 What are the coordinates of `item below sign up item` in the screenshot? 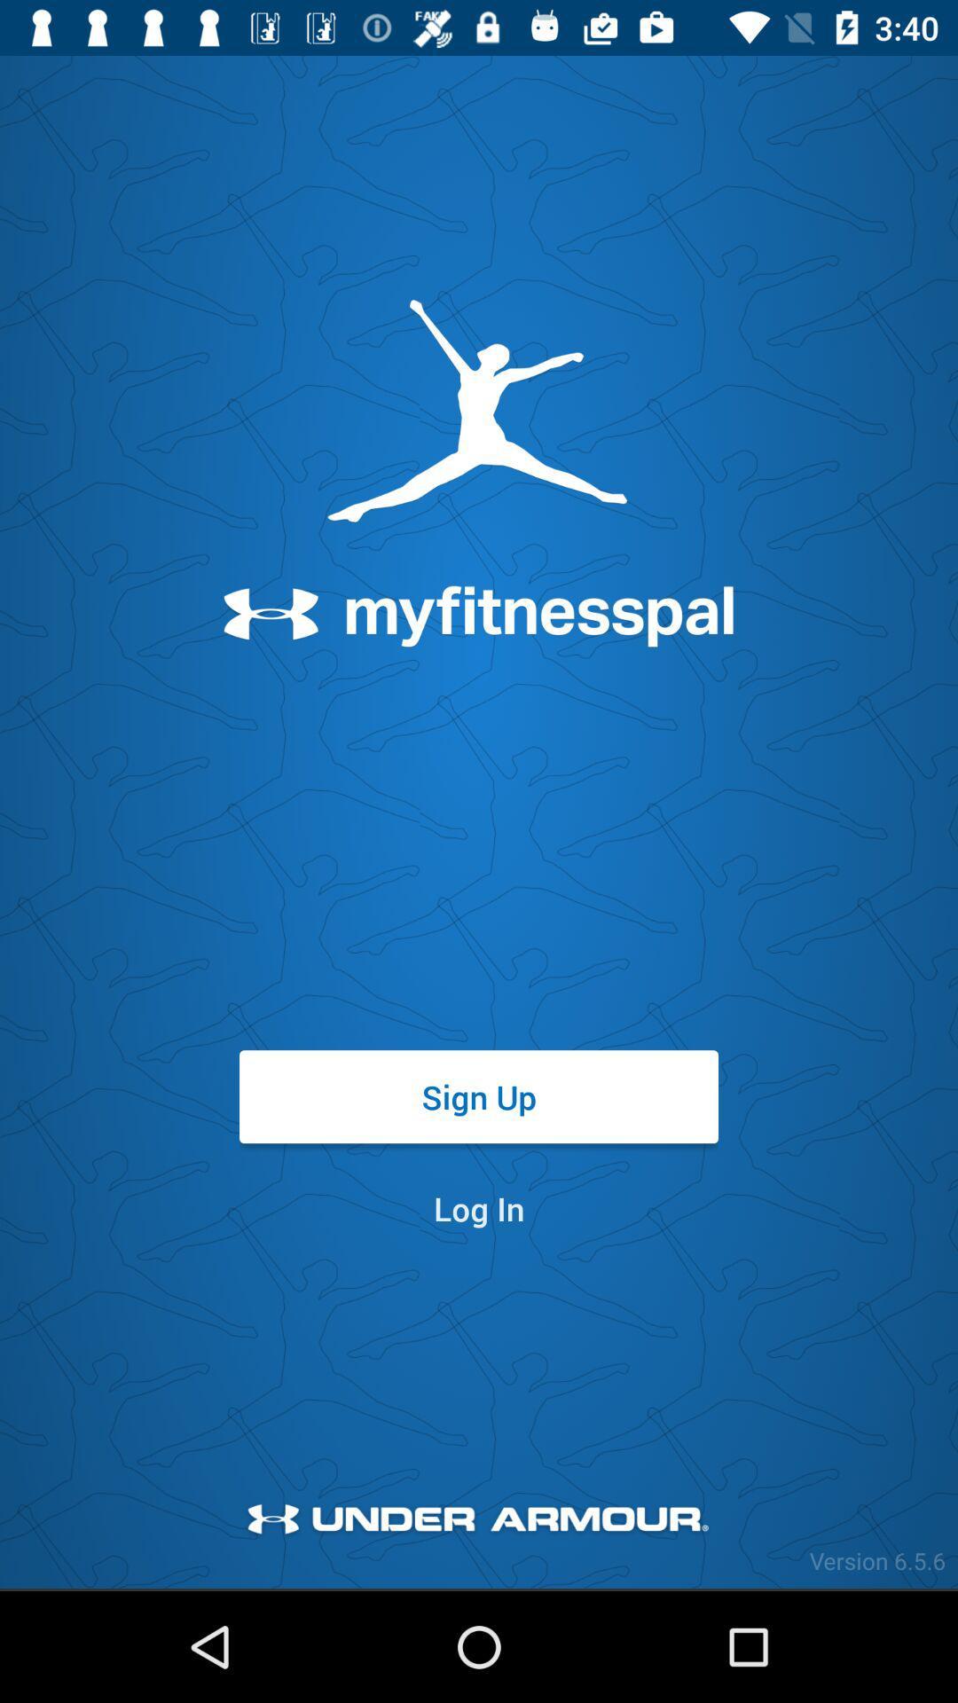 It's located at (479, 1207).